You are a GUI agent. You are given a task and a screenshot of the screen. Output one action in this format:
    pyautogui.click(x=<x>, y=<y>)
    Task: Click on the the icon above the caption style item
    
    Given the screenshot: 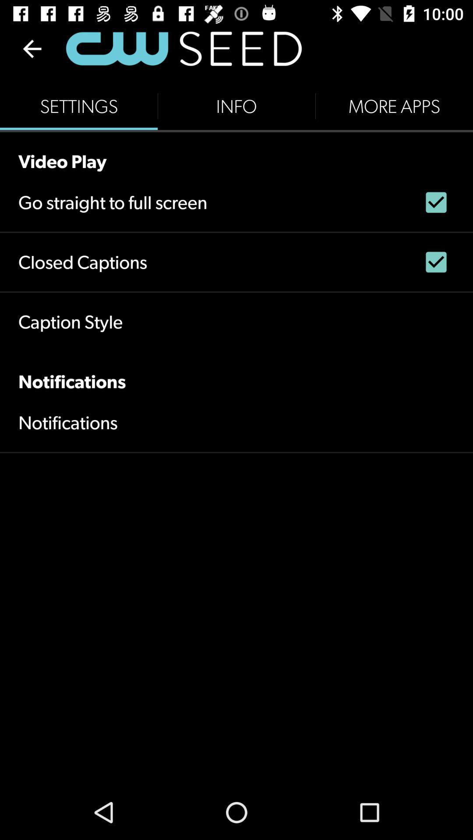 What is the action you would take?
    pyautogui.click(x=83, y=262)
    